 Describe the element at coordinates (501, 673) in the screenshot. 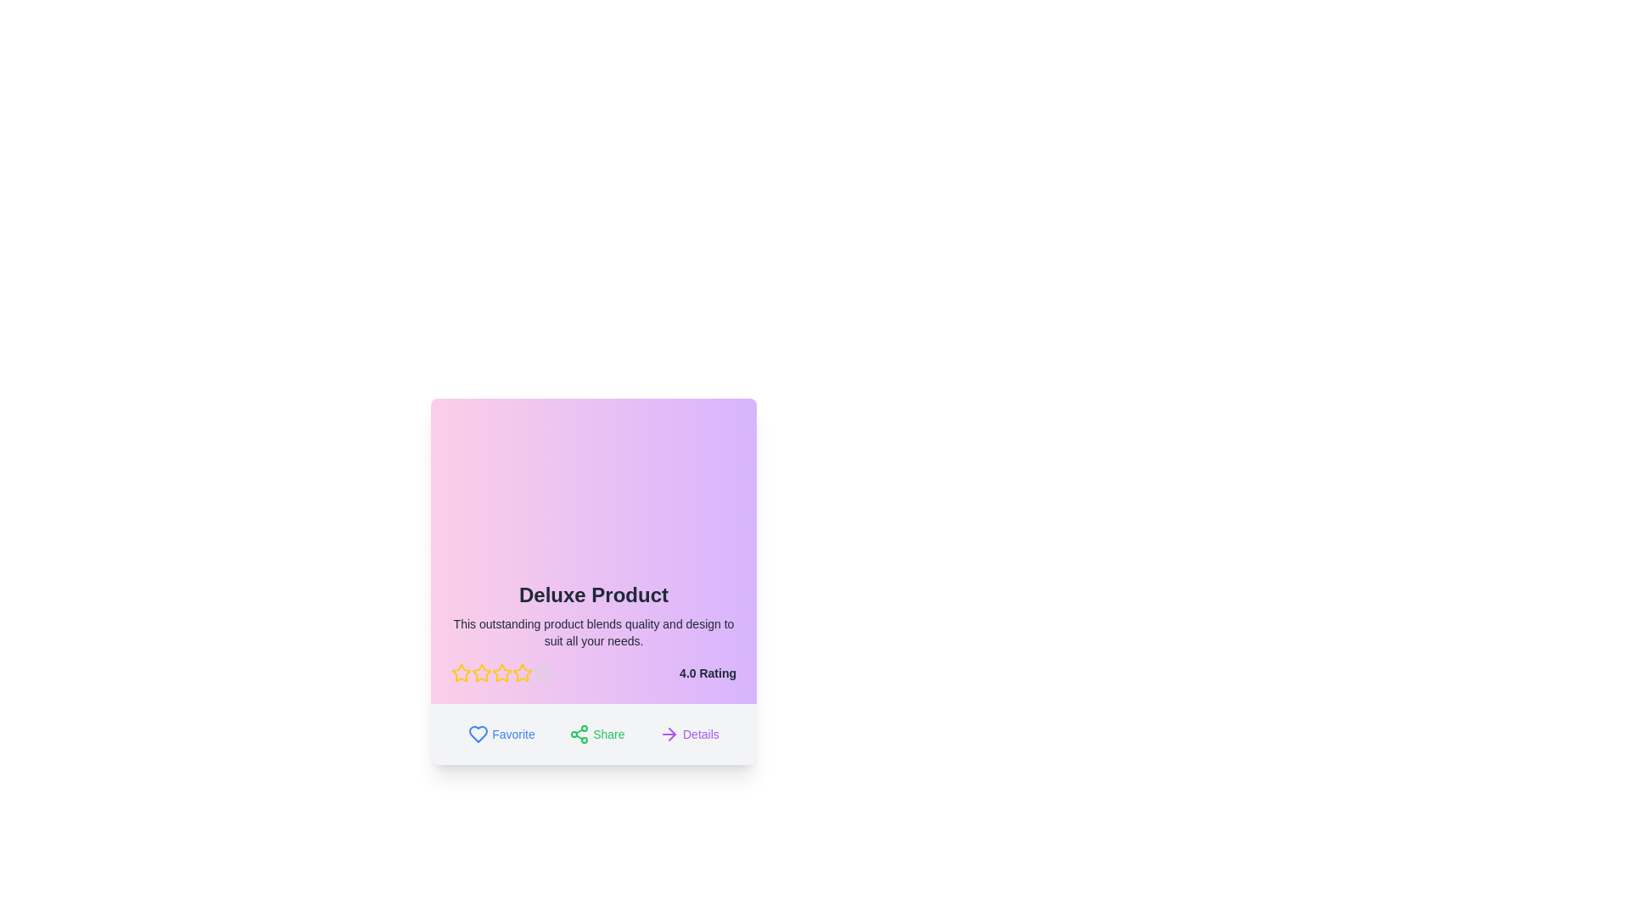

I see `the fourth star icon` at that location.